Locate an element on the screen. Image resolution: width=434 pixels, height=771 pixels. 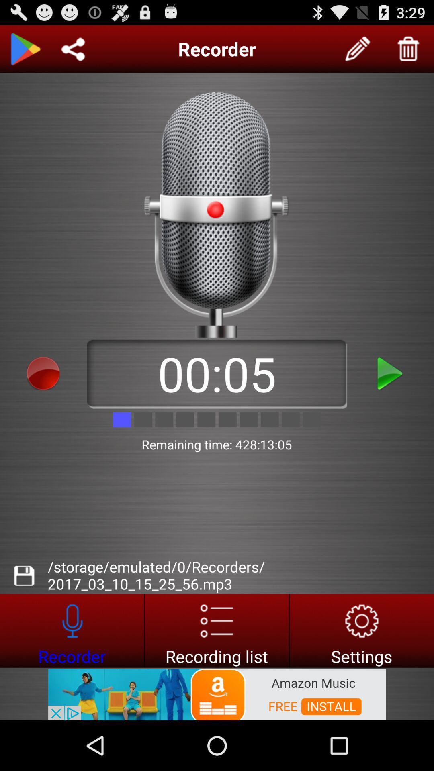
the microphone icon is located at coordinates (72, 675).